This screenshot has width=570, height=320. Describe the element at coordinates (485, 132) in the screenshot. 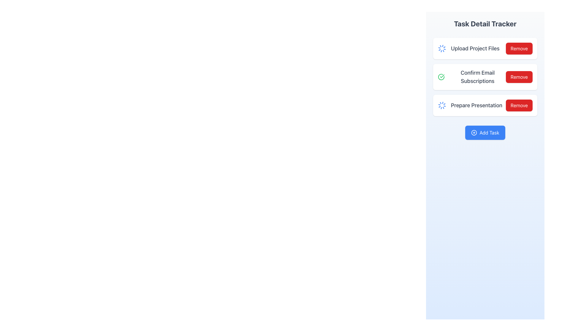

I see `the 'Add Task' button located centrally in the bottom segment of the 'Task Detail Tracker' panel` at that location.